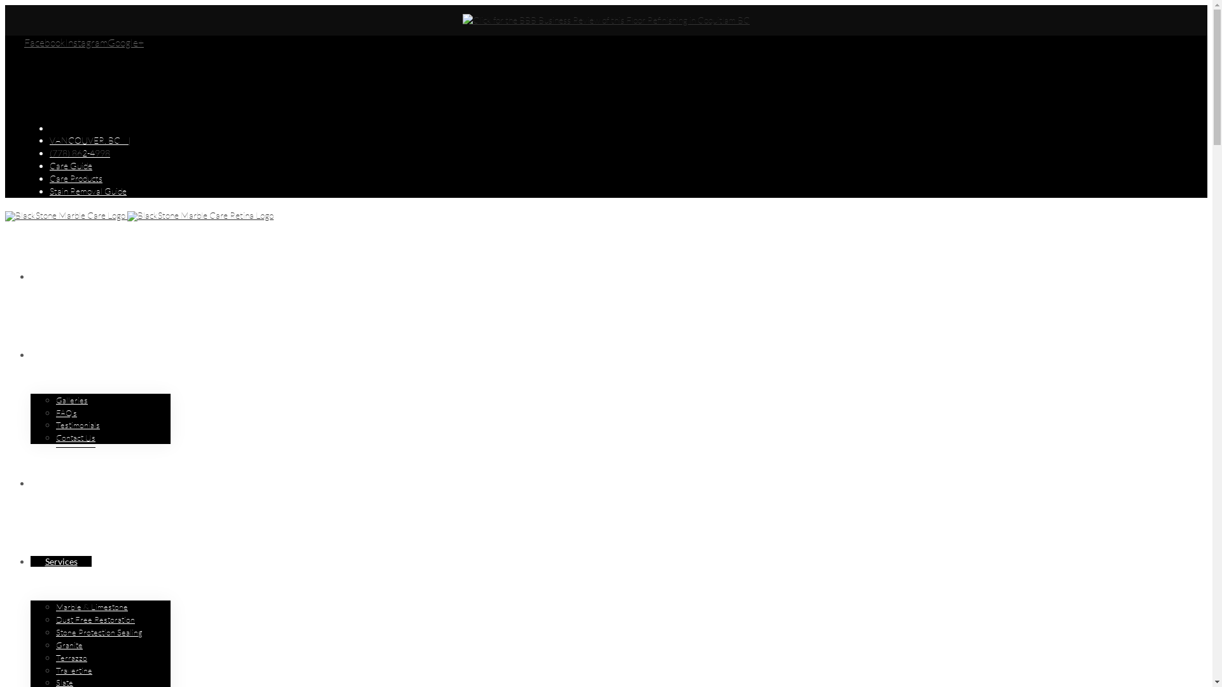 Image resolution: width=1222 pixels, height=687 pixels. I want to click on 'Contact Us', so click(55, 437).